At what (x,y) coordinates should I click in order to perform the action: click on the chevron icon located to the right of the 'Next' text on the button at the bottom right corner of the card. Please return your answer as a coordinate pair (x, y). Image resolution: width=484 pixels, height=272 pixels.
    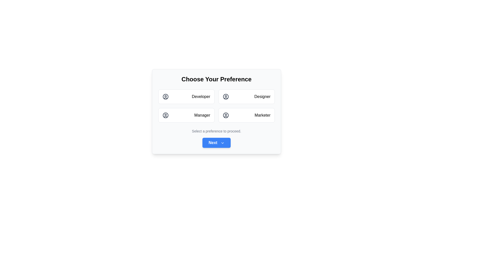
    Looking at the image, I should click on (222, 143).